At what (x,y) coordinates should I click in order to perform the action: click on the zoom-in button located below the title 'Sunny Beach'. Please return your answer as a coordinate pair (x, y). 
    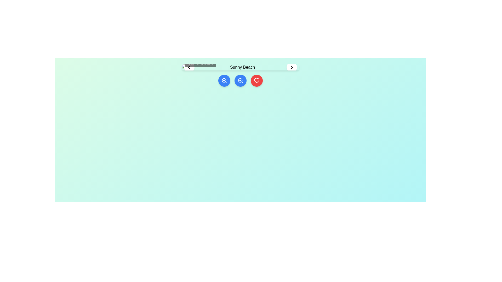
    Looking at the image, I should click on (224, 80).